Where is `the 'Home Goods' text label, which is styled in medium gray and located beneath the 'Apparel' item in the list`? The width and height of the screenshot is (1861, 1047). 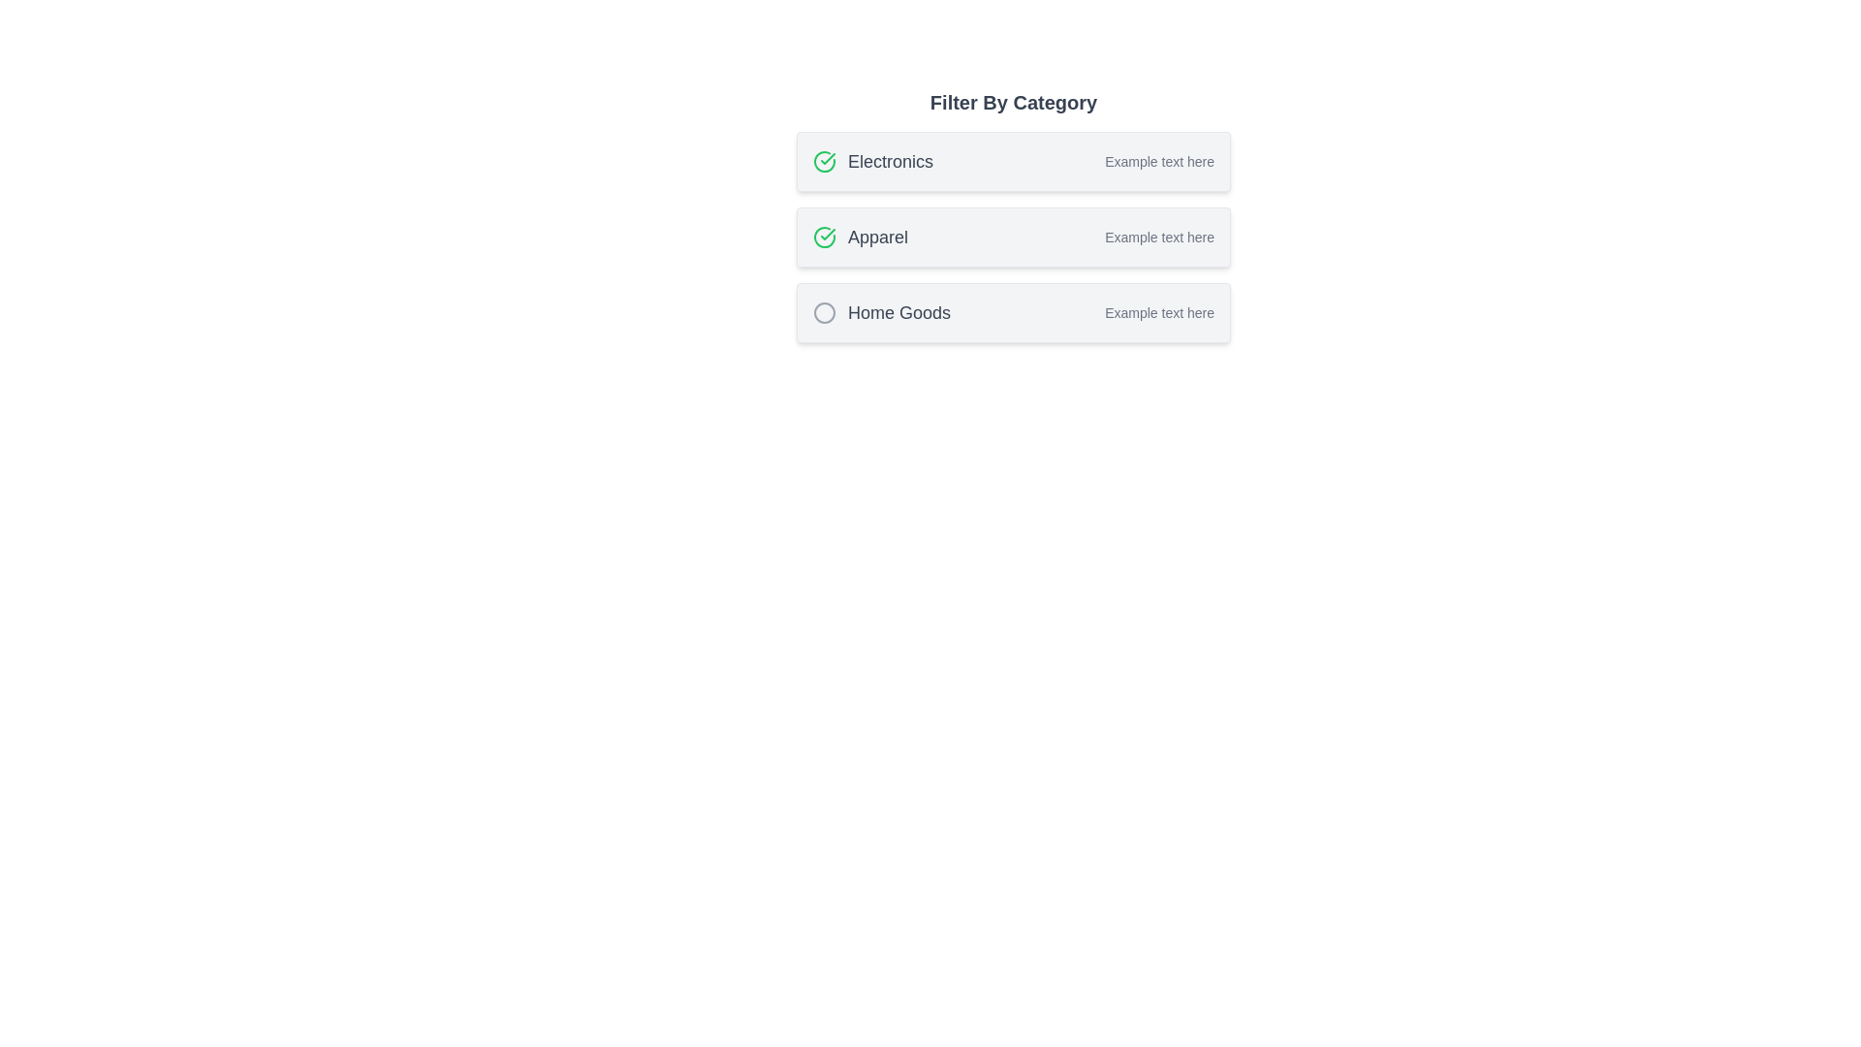
the 'Home Goods' text label, which is styled in medium gray and located beneath the 'Apparel' item in the list is located at coordinates (881, 312).